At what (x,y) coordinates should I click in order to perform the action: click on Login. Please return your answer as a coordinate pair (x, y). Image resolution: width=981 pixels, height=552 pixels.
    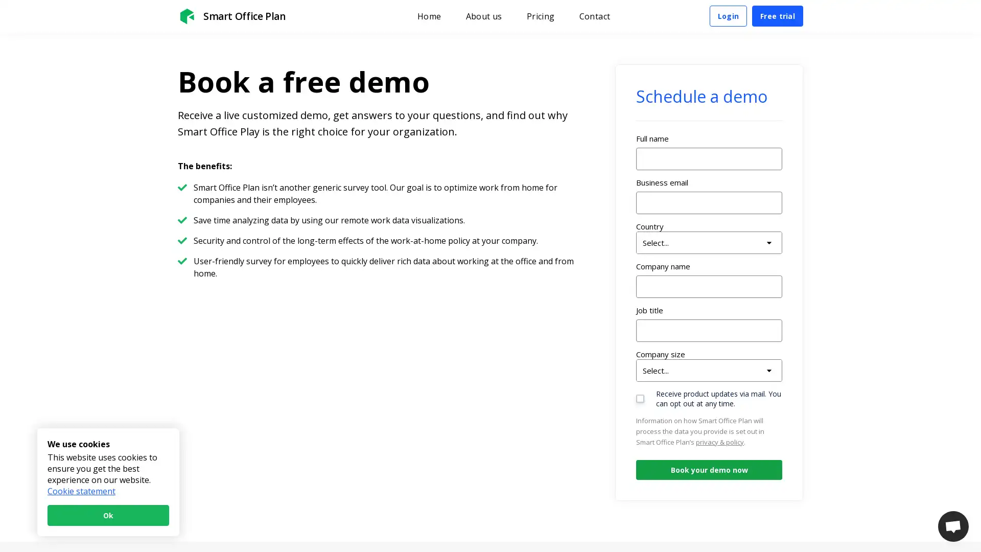
    Looking at the image, I should click on (728, 16).